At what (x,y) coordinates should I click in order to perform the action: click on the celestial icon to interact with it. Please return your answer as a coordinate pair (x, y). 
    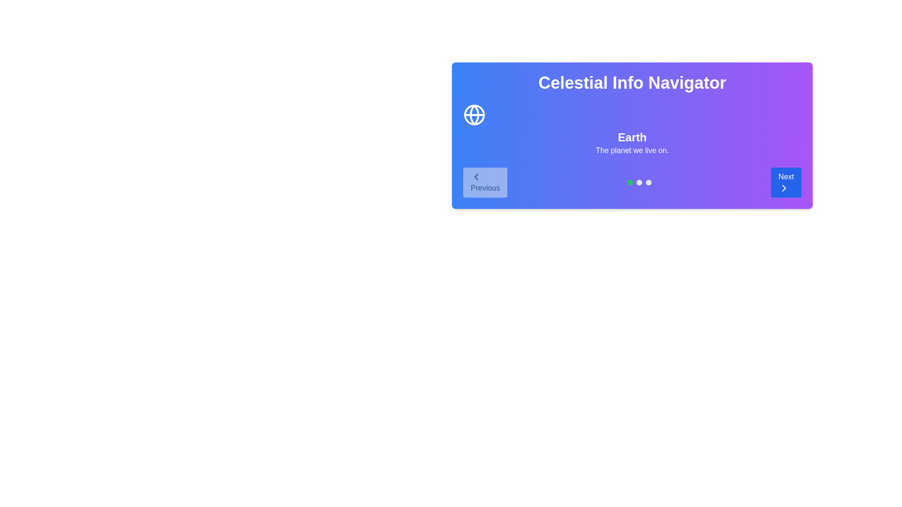
    Looking at the image, I should click on (474, 115).